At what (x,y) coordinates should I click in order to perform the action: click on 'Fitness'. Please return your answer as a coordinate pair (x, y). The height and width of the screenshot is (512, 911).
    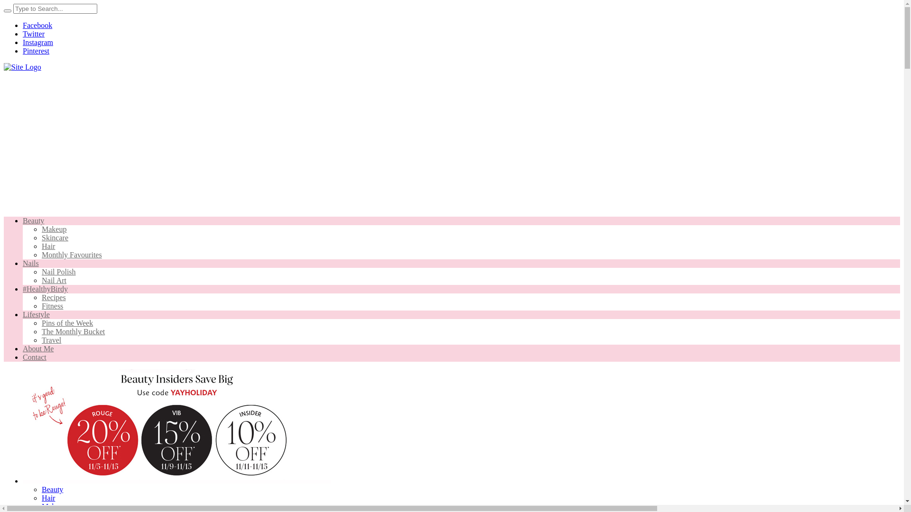
    Looking at the image, I should click on (52, 306).